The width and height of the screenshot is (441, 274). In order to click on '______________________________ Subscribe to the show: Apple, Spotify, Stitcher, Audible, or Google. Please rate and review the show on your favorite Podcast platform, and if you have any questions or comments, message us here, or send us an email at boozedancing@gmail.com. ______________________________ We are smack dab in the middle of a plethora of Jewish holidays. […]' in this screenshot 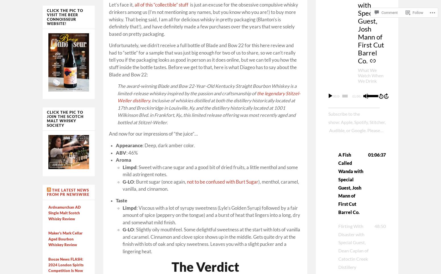, I will do `click(356, 163)`.